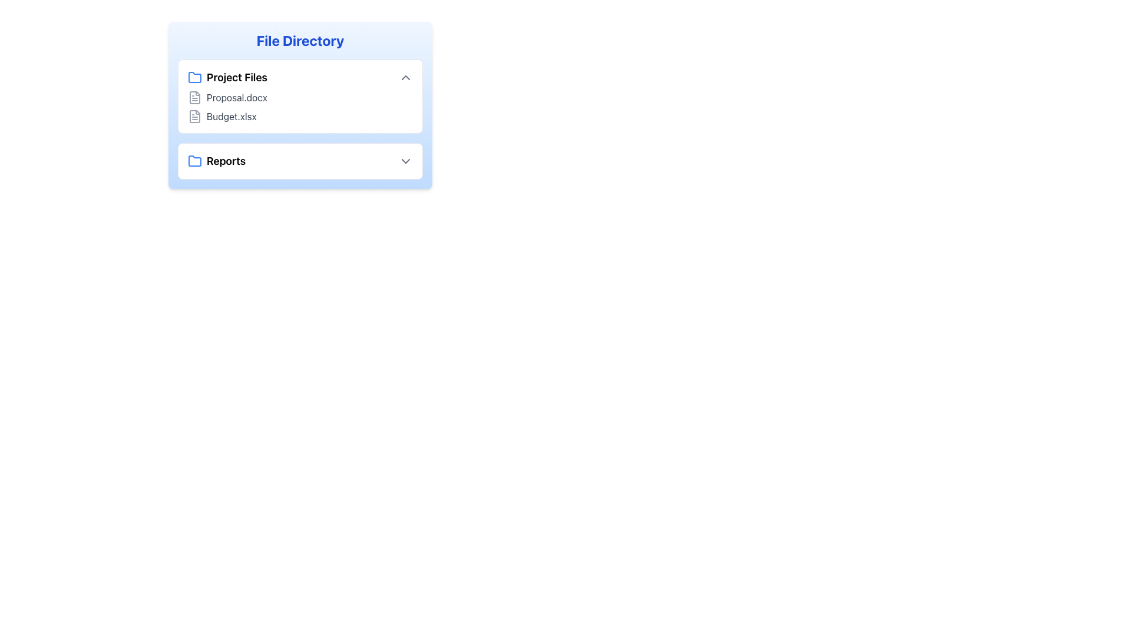 The width and height of the screenshot is (1131, 636). I want to click on the chevron-down icon located to the right of the 'Reports' text under the 'File Directory' section, so click(406, 161).